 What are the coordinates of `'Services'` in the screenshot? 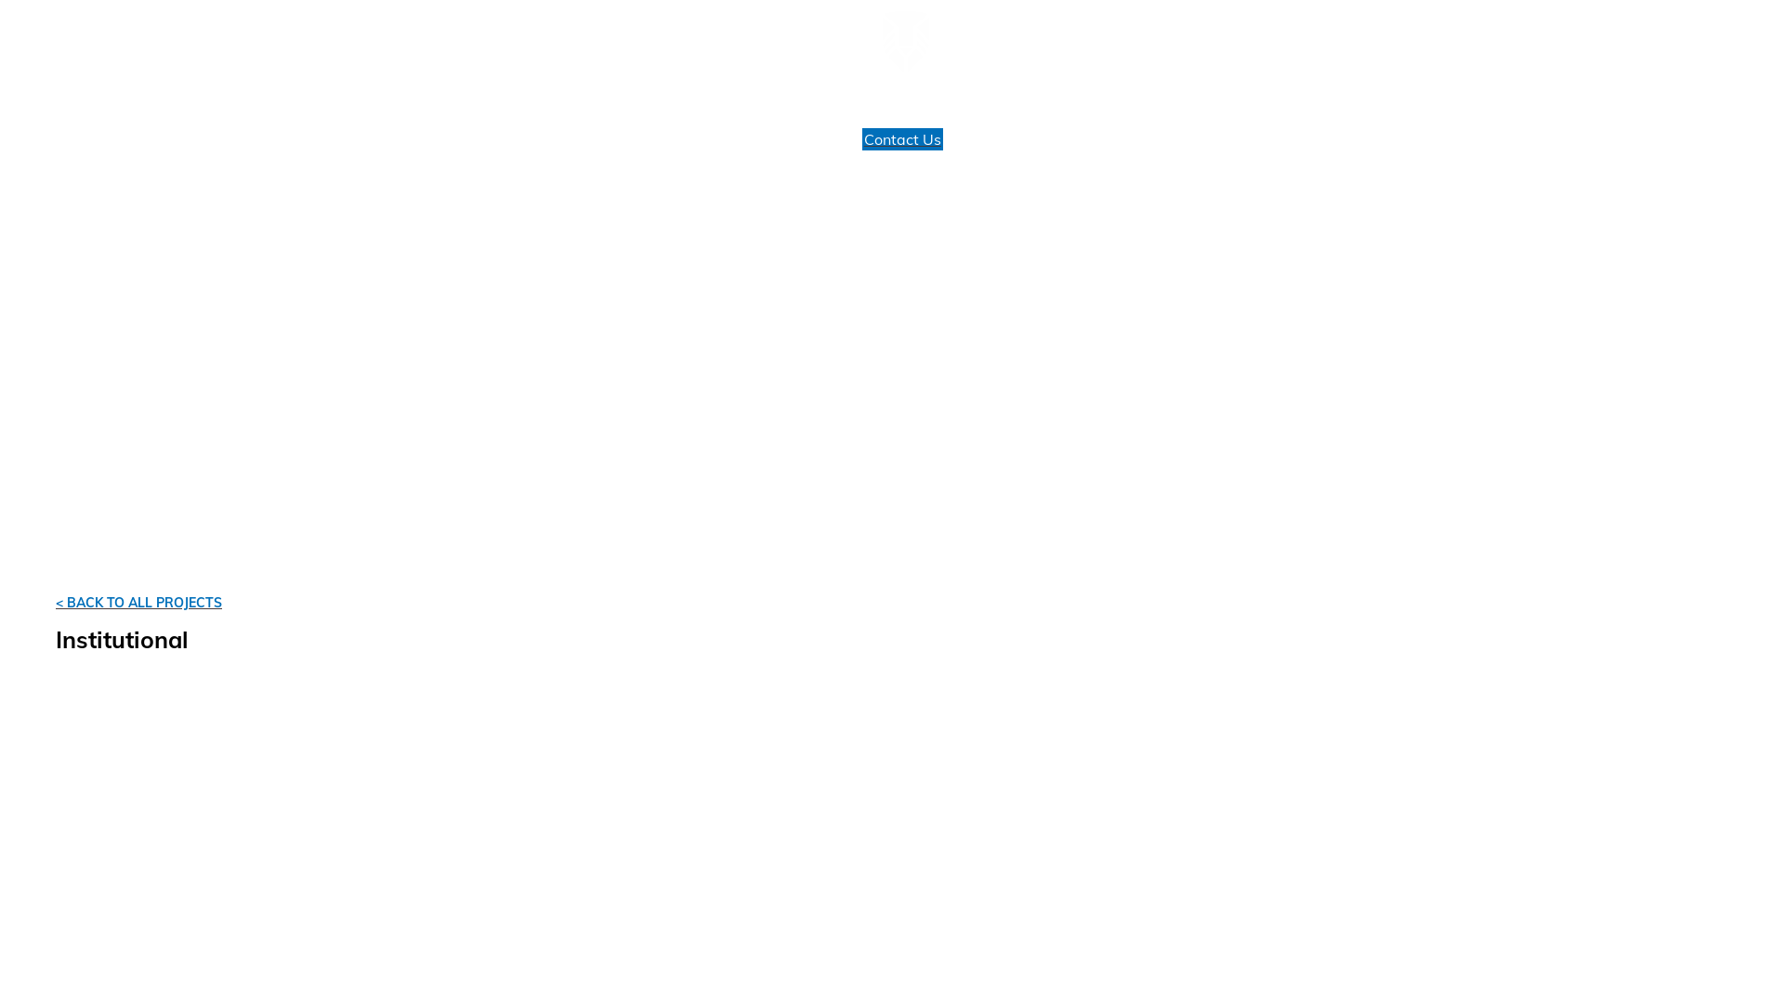 It's located at (77, 108).